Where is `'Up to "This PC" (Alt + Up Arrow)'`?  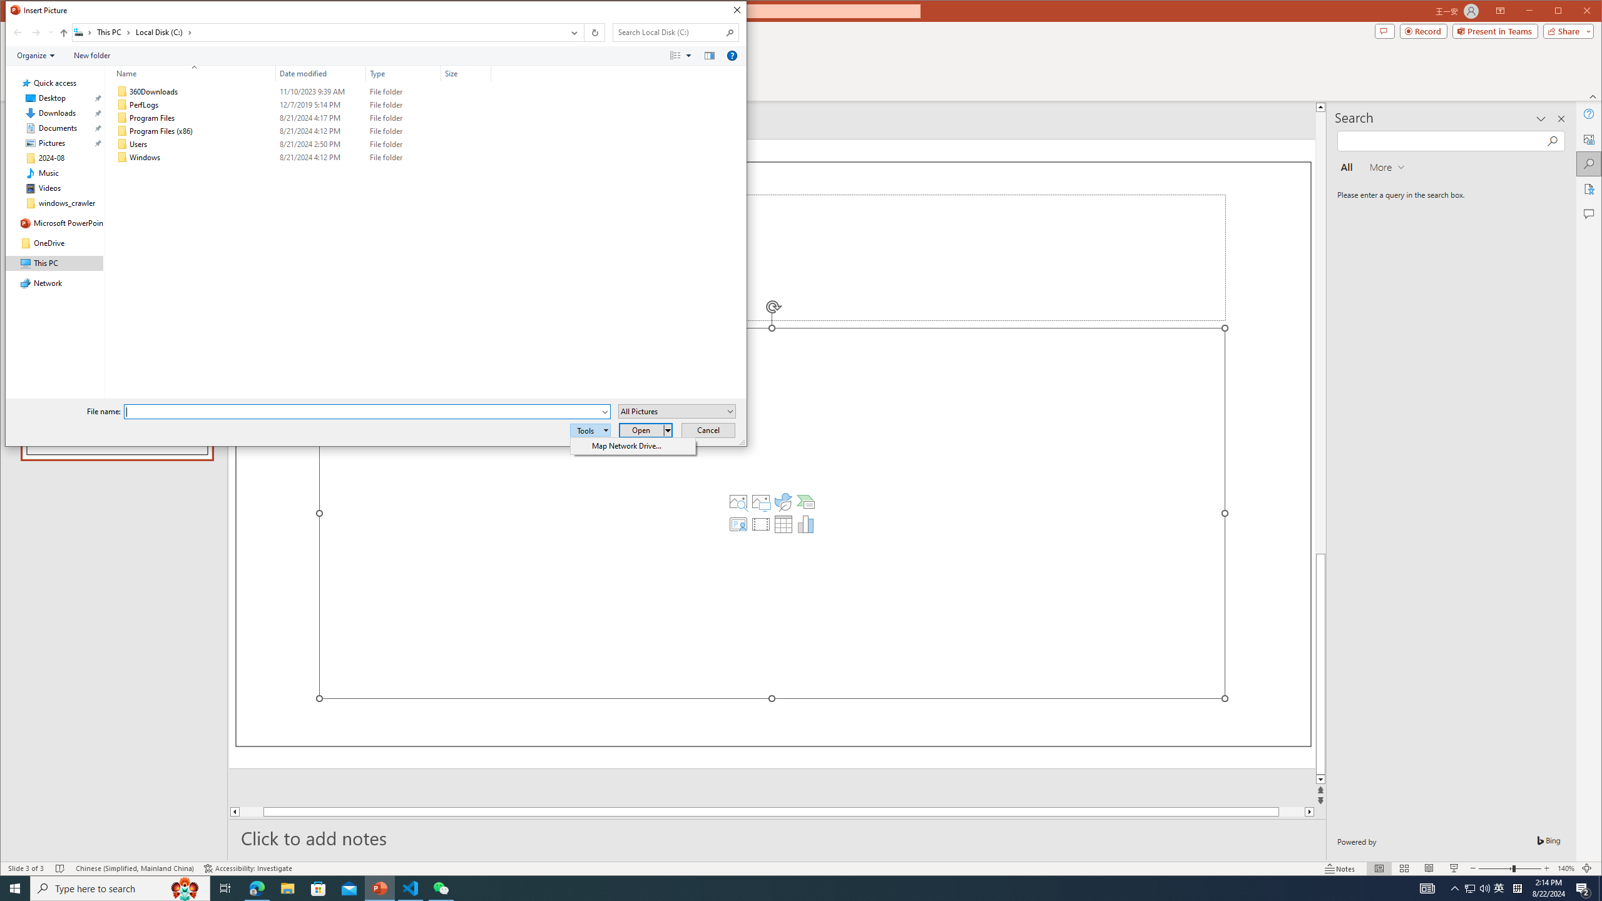 'Up to "This PC" (Alt + Up Arrow)' is located at coordinates (63, 32).